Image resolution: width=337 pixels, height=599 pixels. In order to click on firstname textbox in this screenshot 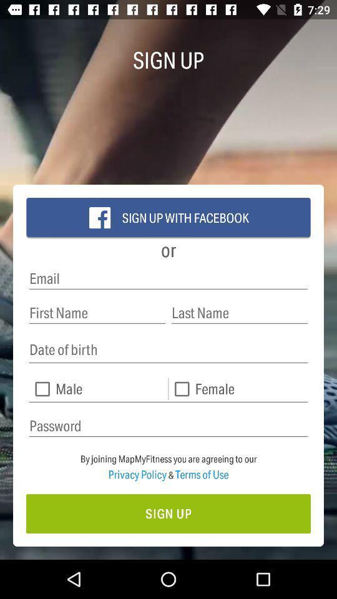, I will do `click(97, 312)`.